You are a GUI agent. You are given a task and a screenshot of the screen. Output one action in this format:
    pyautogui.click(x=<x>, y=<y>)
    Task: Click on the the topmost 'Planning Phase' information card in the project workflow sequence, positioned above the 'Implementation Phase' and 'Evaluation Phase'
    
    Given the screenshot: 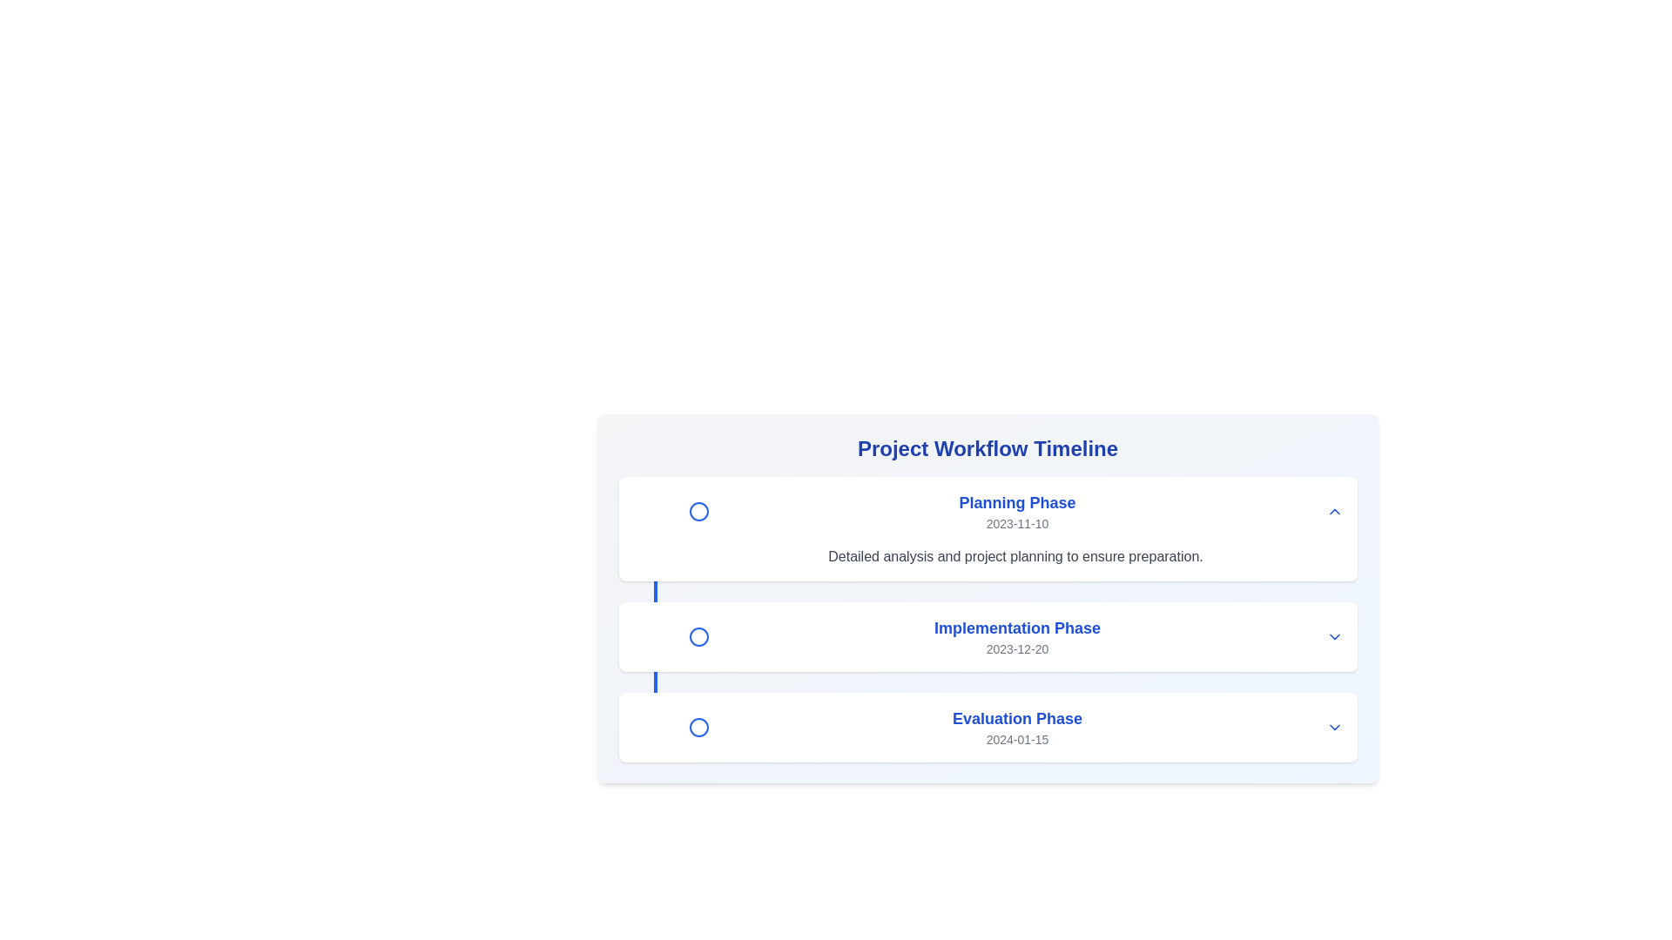 What is the action you would take?
    pyautogui.click(x=988, y=528)
    